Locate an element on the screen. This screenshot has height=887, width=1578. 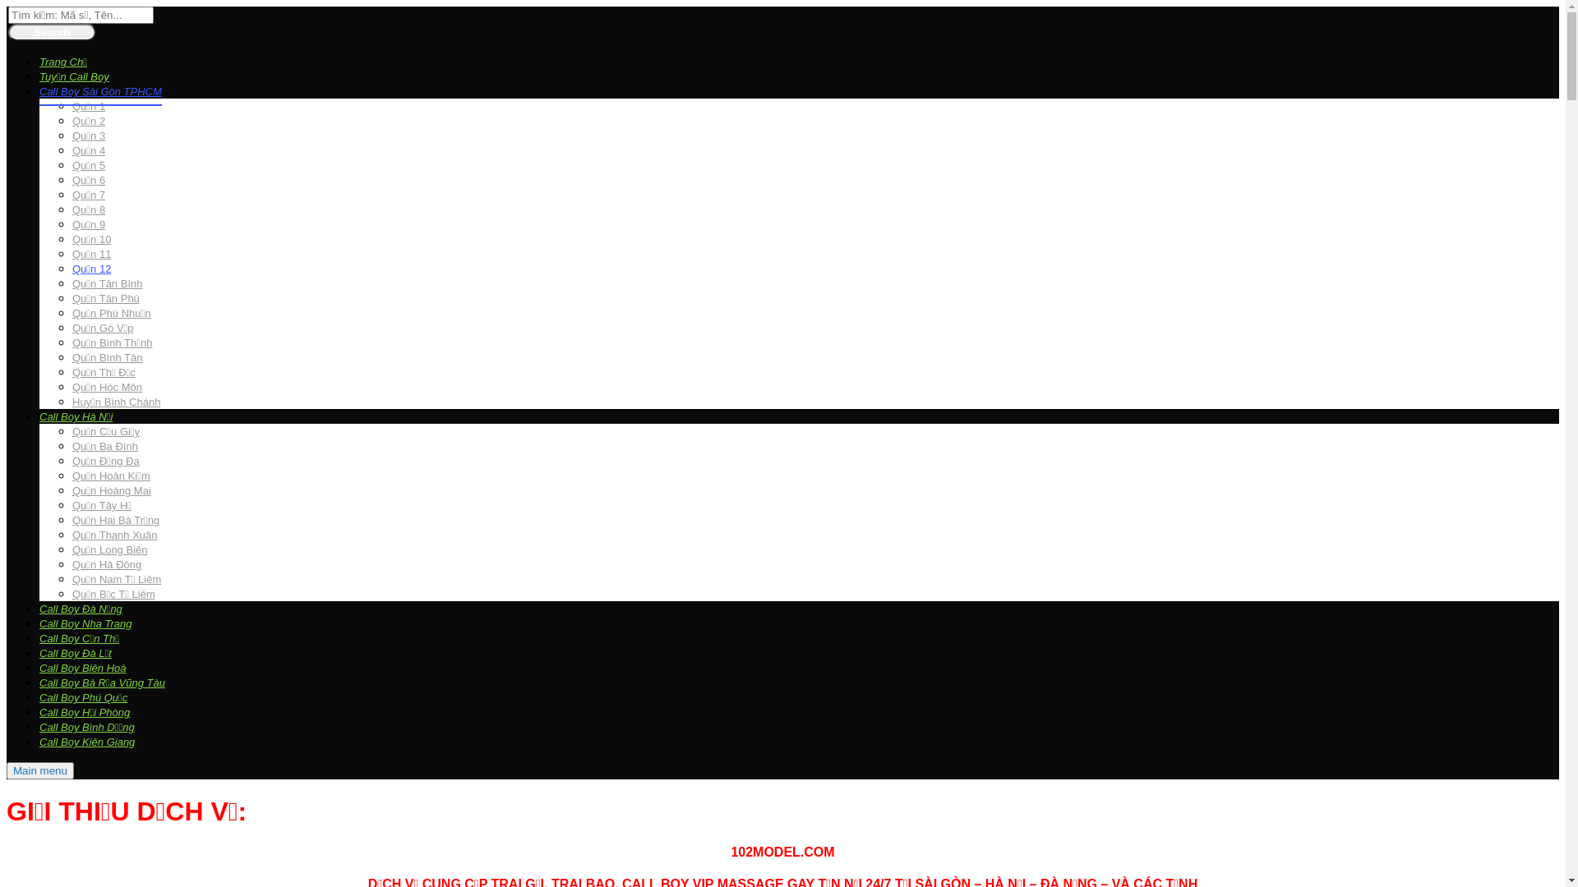
'Call Boy Nha Trang' is located at coordinates (85, 623).